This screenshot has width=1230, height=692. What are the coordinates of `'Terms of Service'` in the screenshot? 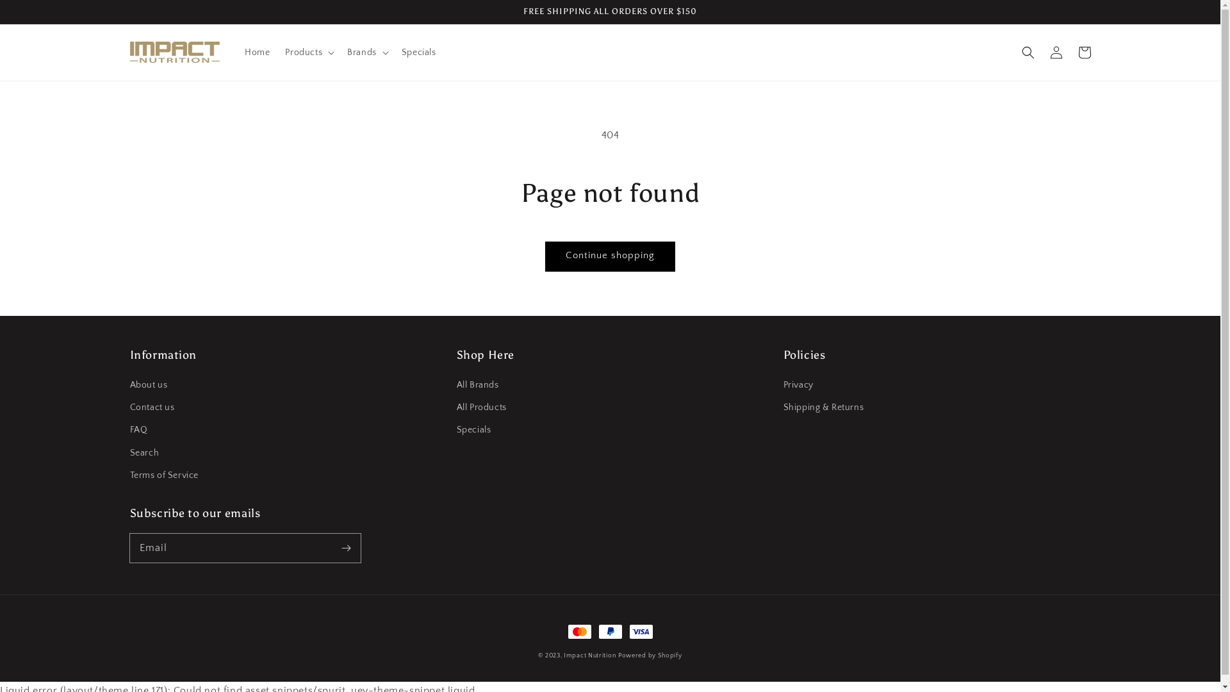 It's located at (163, 475).